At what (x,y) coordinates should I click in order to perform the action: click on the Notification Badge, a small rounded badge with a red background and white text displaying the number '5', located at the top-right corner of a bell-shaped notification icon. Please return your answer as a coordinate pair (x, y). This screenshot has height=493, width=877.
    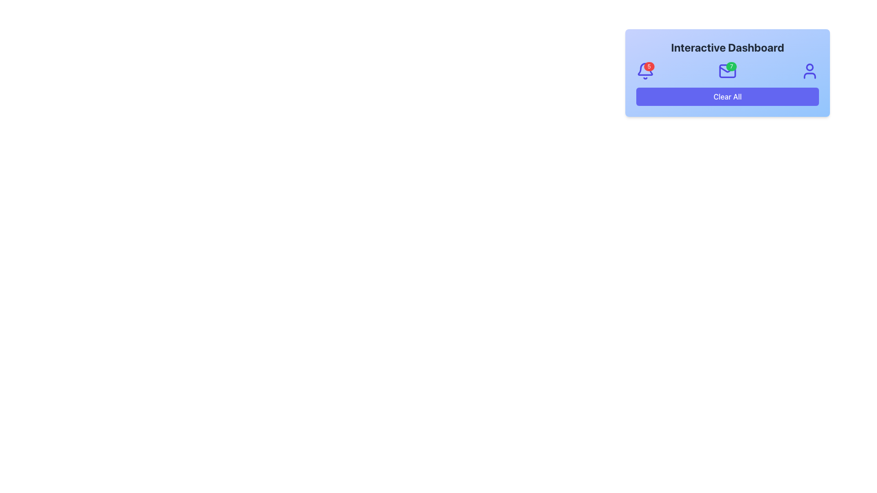
    Looking at the image, I should click on (649, 66).